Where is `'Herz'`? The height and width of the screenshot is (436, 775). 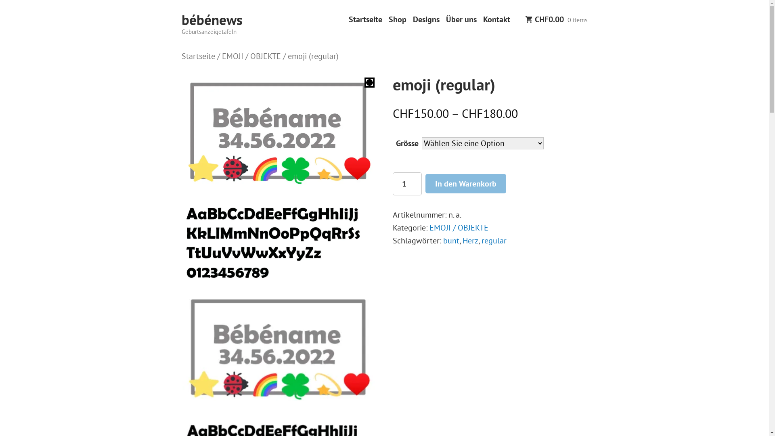
'Herz' is located at coordinates (470, 240).